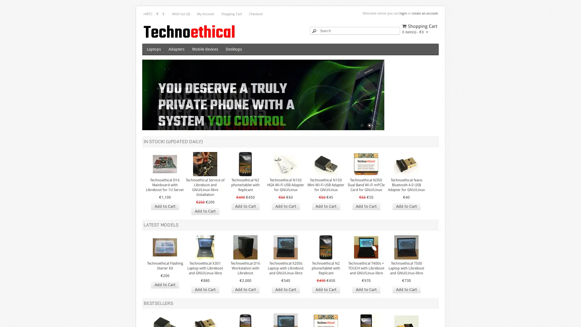 The width and height of the screenshot is (581, 327). I want to click on Add to Cart, so click(245, 309).